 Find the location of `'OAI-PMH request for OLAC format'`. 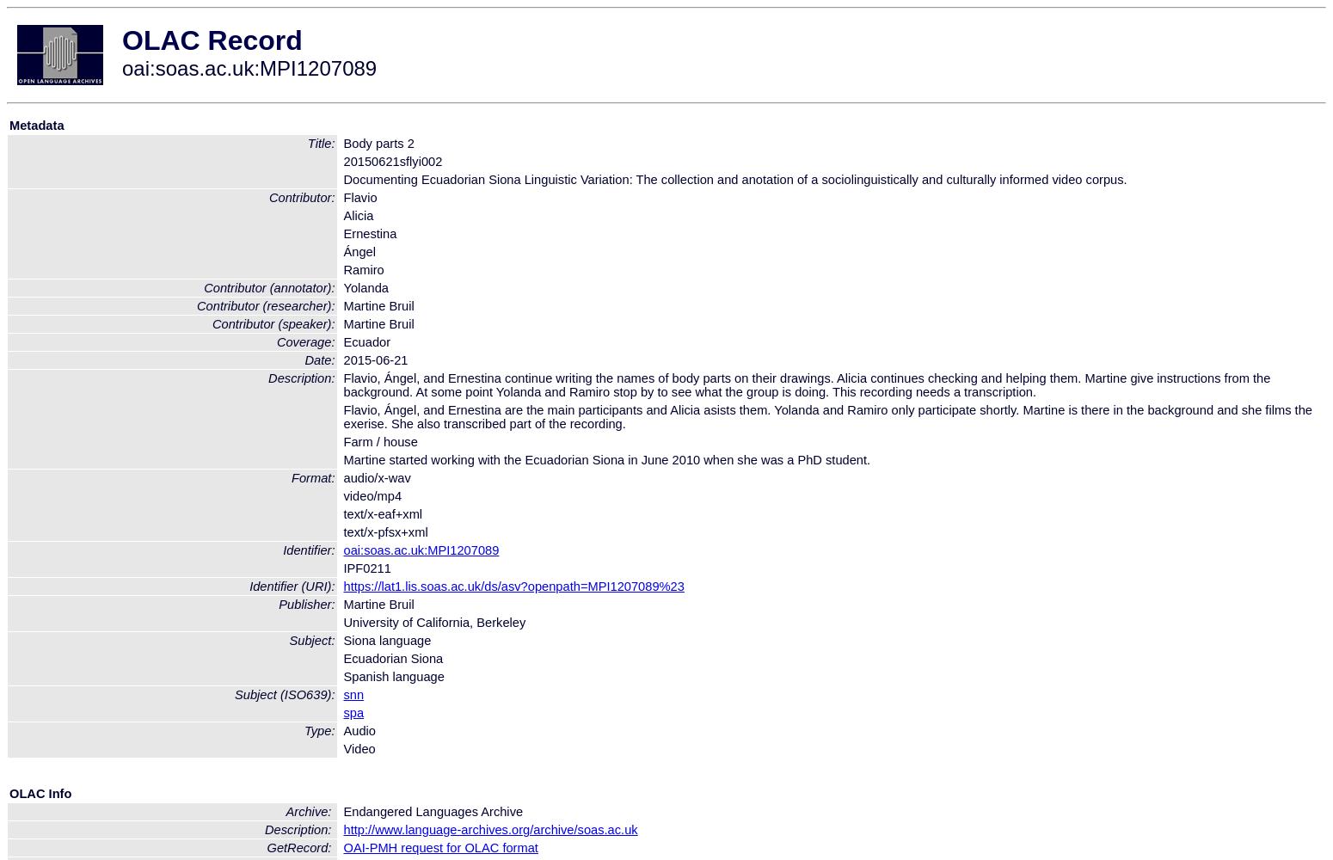

'OAI-PMH request for OLAC format' is located at coordinates (439, 846).